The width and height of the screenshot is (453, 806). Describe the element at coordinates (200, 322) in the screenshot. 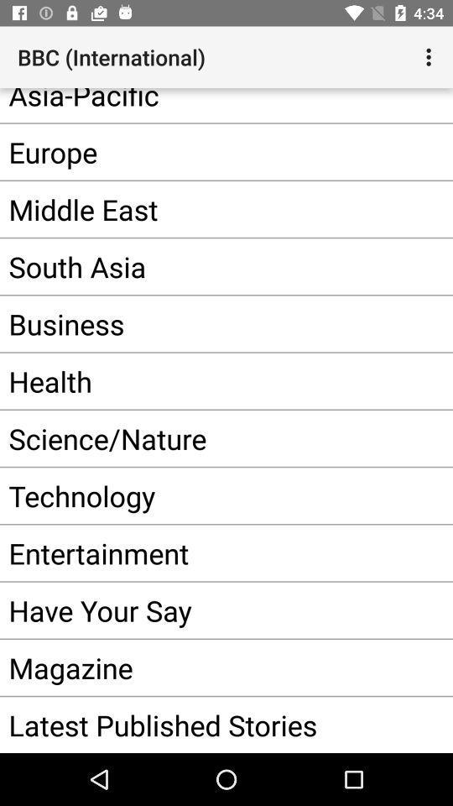

I see `the business icon` at that location.